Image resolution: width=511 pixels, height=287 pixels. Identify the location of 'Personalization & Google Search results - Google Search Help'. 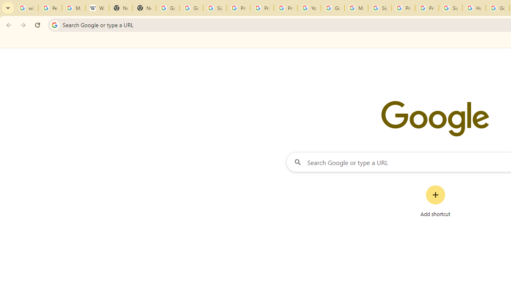
(50, 8).